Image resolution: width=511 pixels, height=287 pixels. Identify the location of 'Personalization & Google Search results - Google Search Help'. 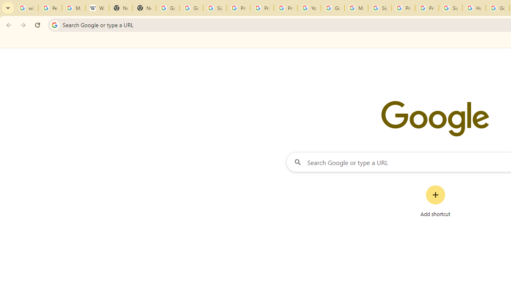
(50, 8).